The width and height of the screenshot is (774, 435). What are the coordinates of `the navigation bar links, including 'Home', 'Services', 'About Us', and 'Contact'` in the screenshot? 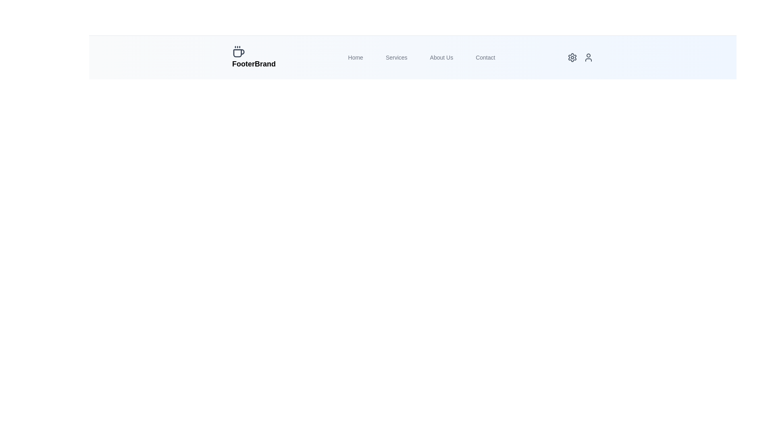 It's located at (412, 57).